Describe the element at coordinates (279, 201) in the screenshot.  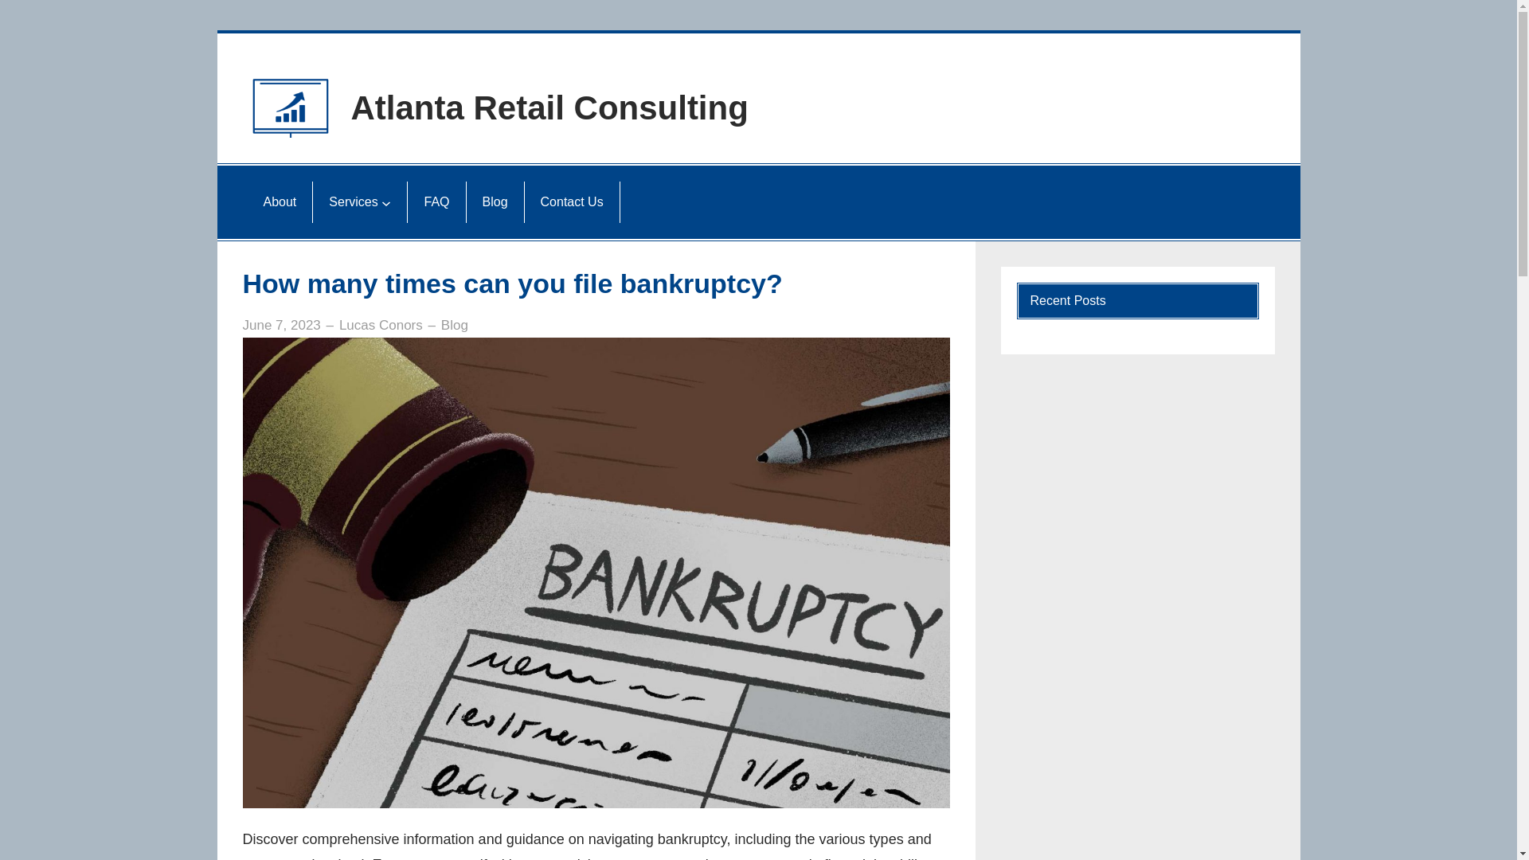
I see `'About'` at that location.